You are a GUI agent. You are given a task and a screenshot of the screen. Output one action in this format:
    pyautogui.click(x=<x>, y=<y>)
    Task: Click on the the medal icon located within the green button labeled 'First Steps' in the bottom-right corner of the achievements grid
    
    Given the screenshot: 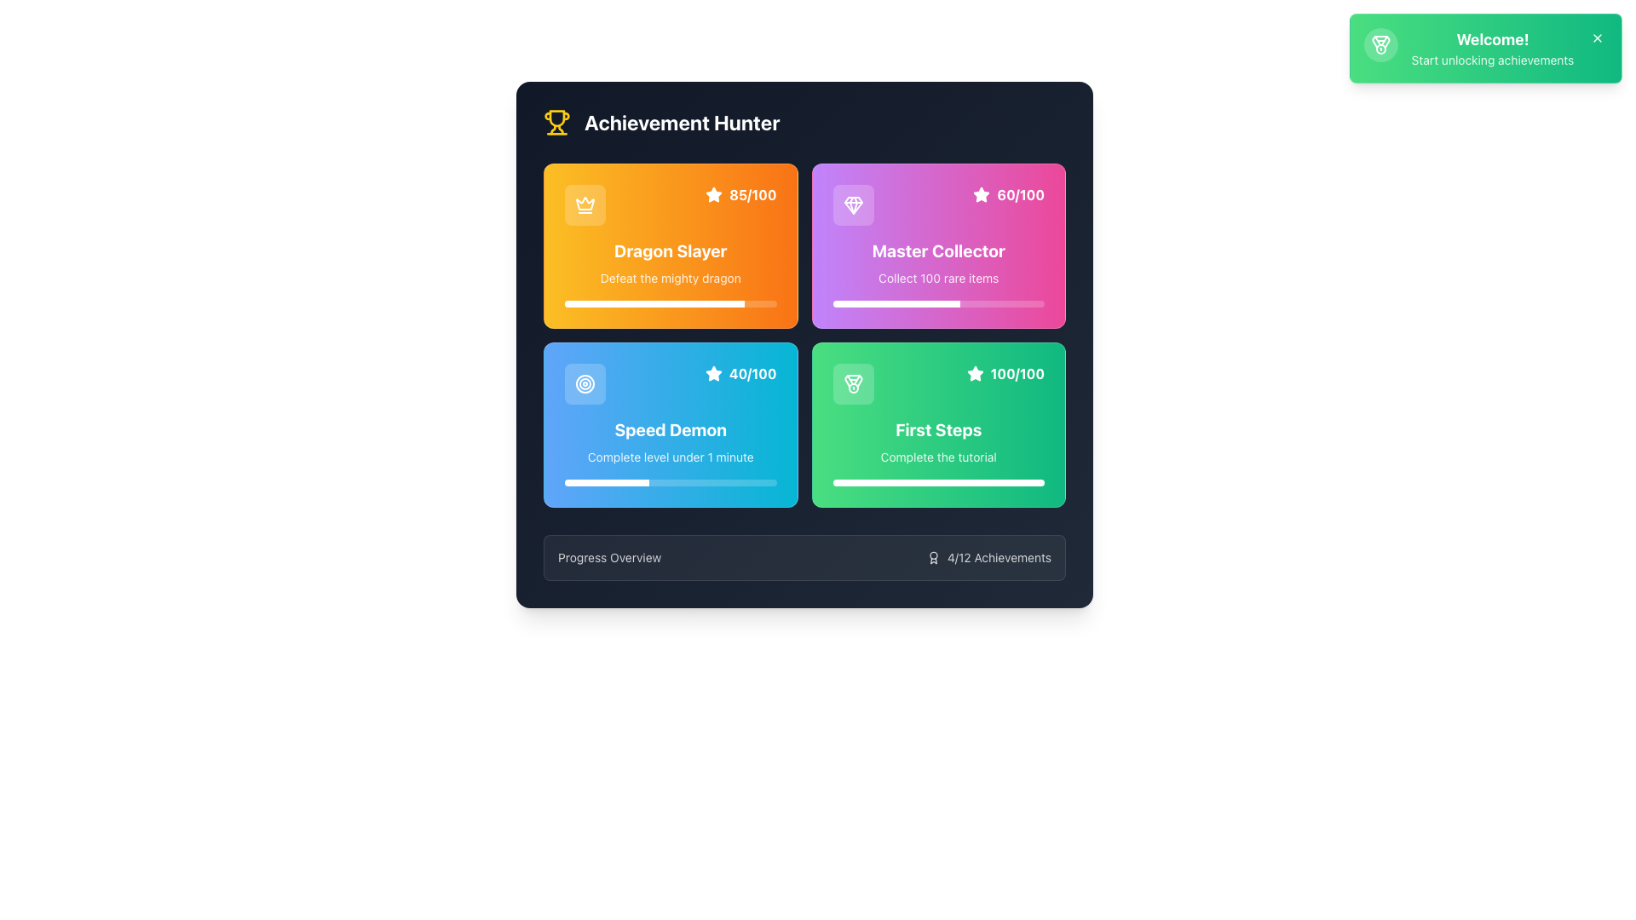 What is the action you would take?
    pyautogui.click(x=853, y=384)
    